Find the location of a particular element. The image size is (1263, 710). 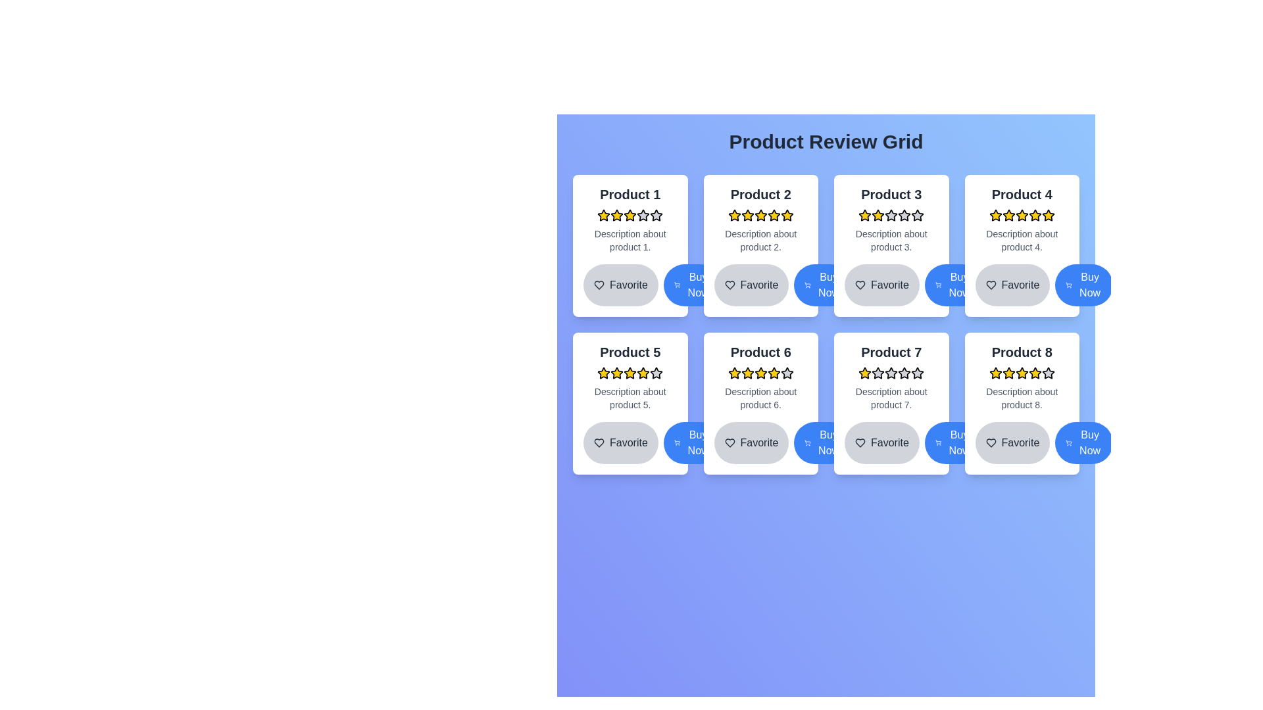

information displayed in the Text block located beneath the title 'Product 4' and above the 'Favorite' and 'Buy Now' buttons in the fourth card of the grid layout is located at coordinates (1021, 241).